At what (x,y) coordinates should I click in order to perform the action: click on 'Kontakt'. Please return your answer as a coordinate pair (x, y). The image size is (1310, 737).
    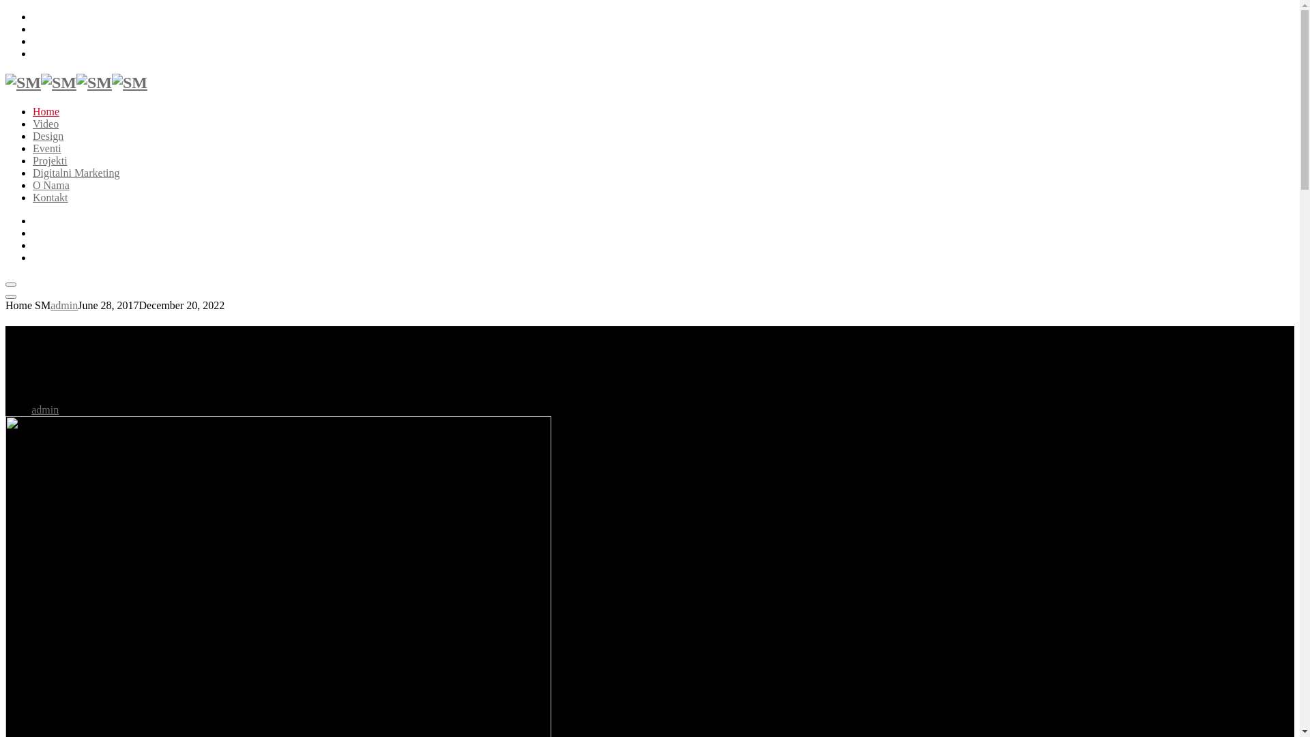
    Looking at the image, I should click on (50, 197).